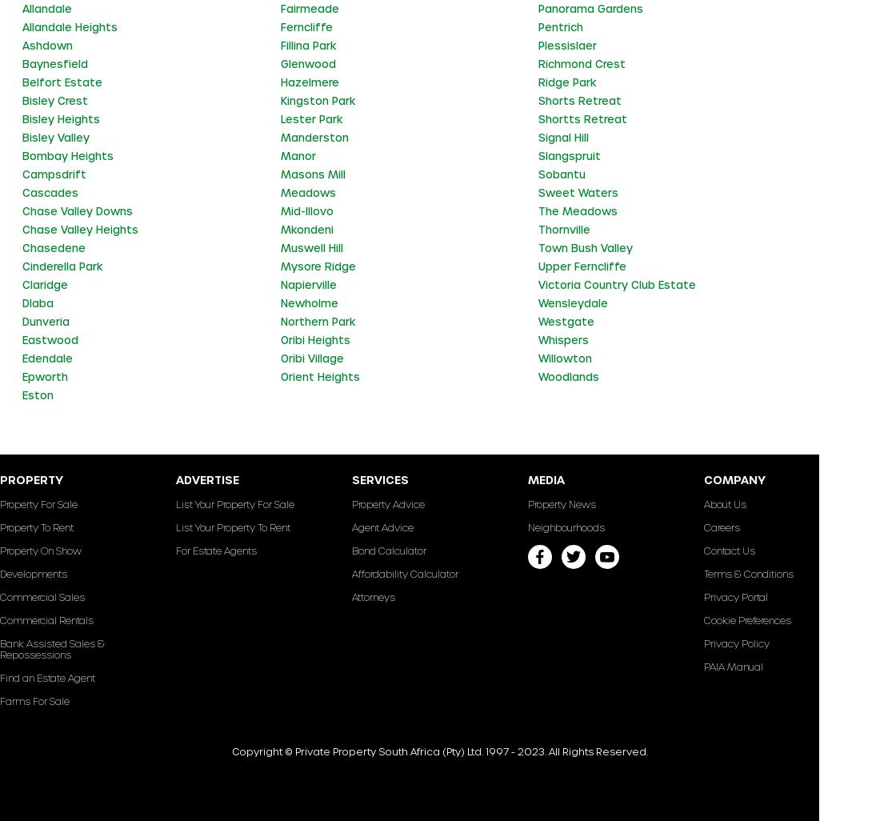  I want to click on 'Allandale', so click(46, 7).